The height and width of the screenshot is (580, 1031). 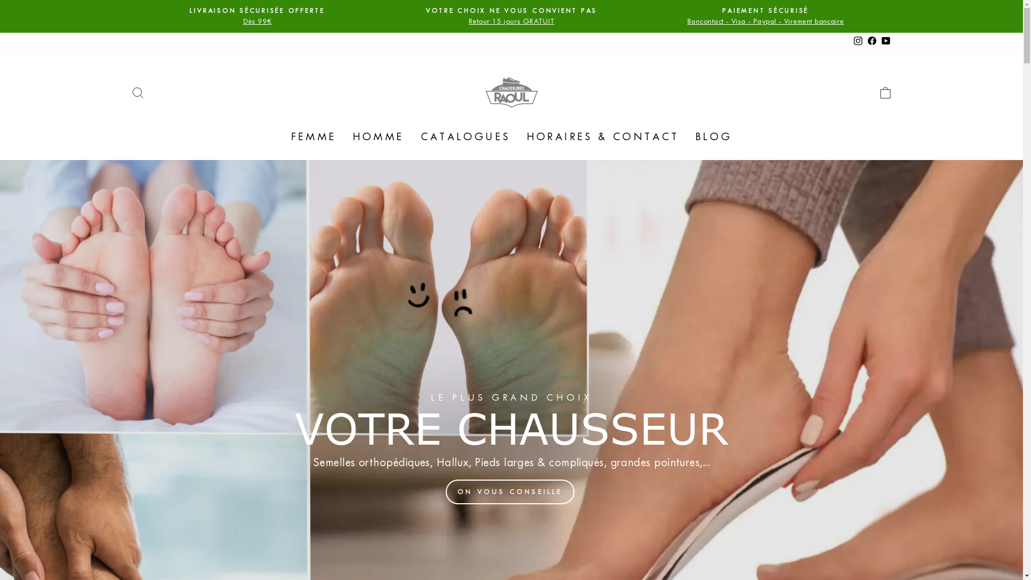 I want to click on 'CATALOGUES', so click(x=466, y=136).